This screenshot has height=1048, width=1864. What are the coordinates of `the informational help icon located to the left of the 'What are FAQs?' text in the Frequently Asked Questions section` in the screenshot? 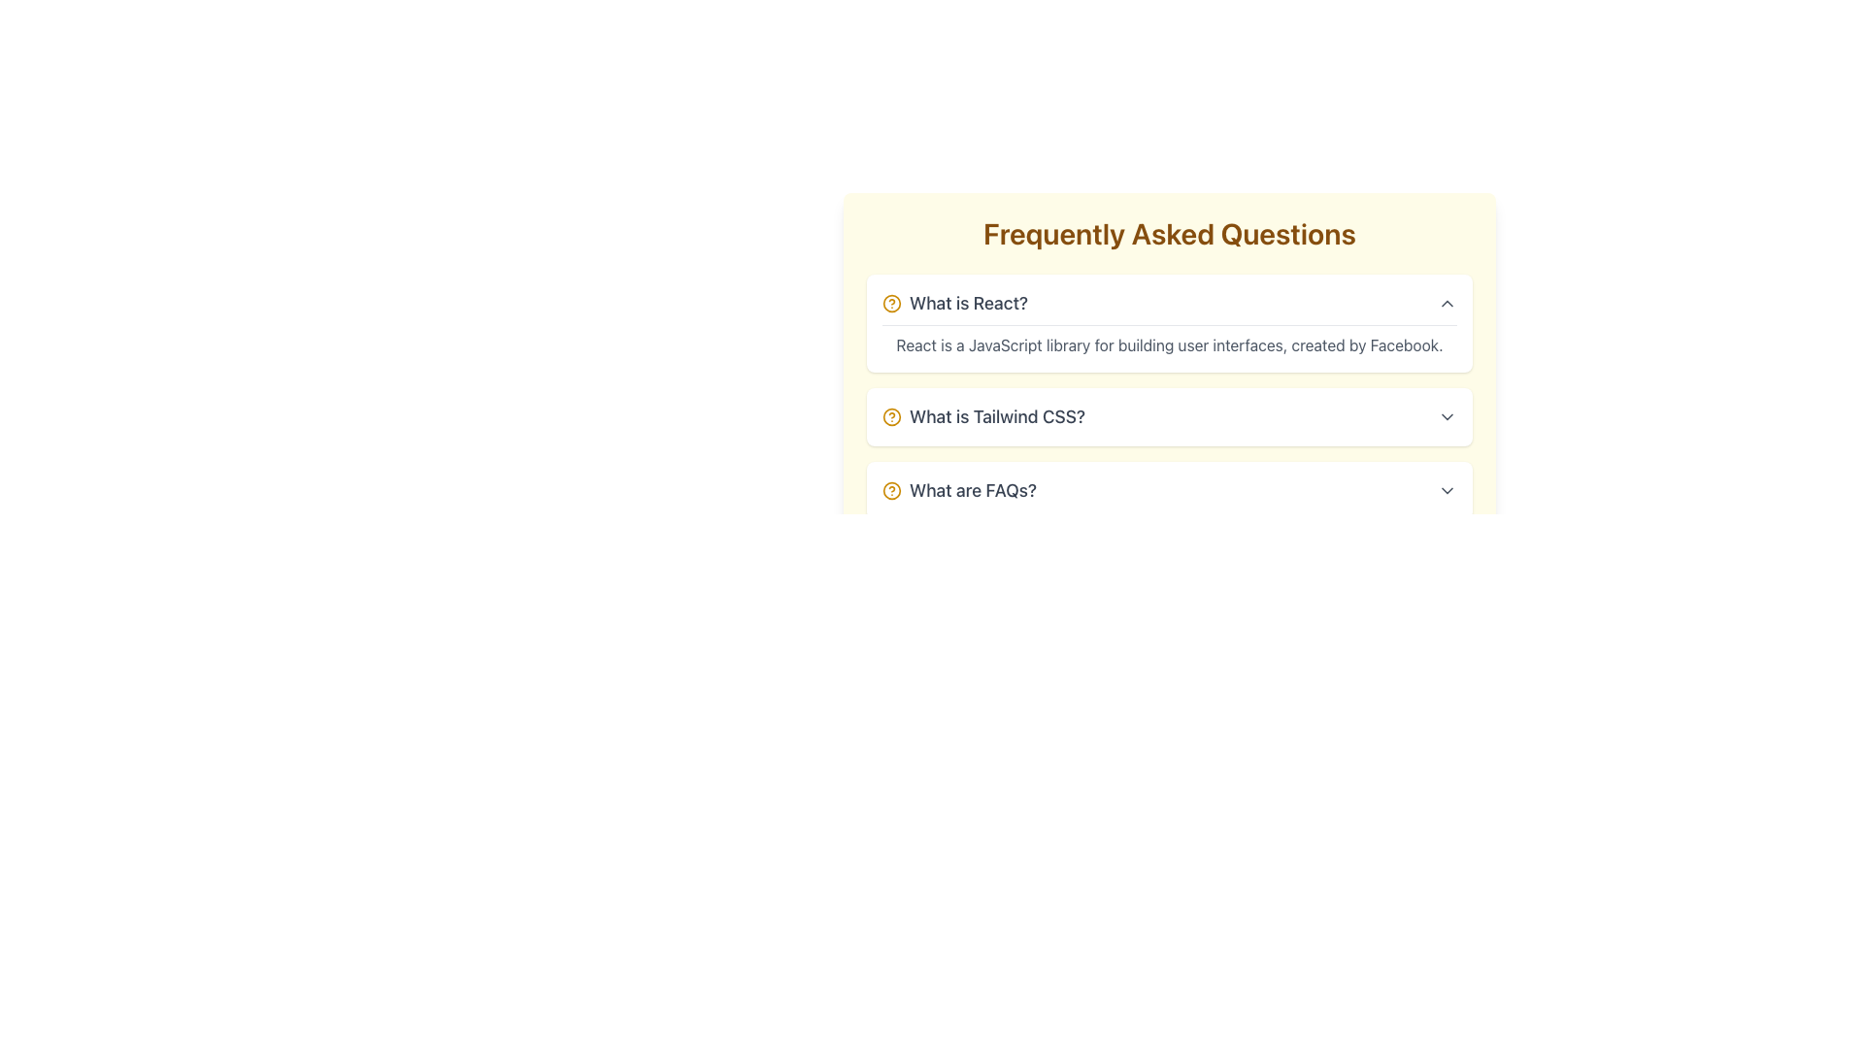 It's located at (890, 489).